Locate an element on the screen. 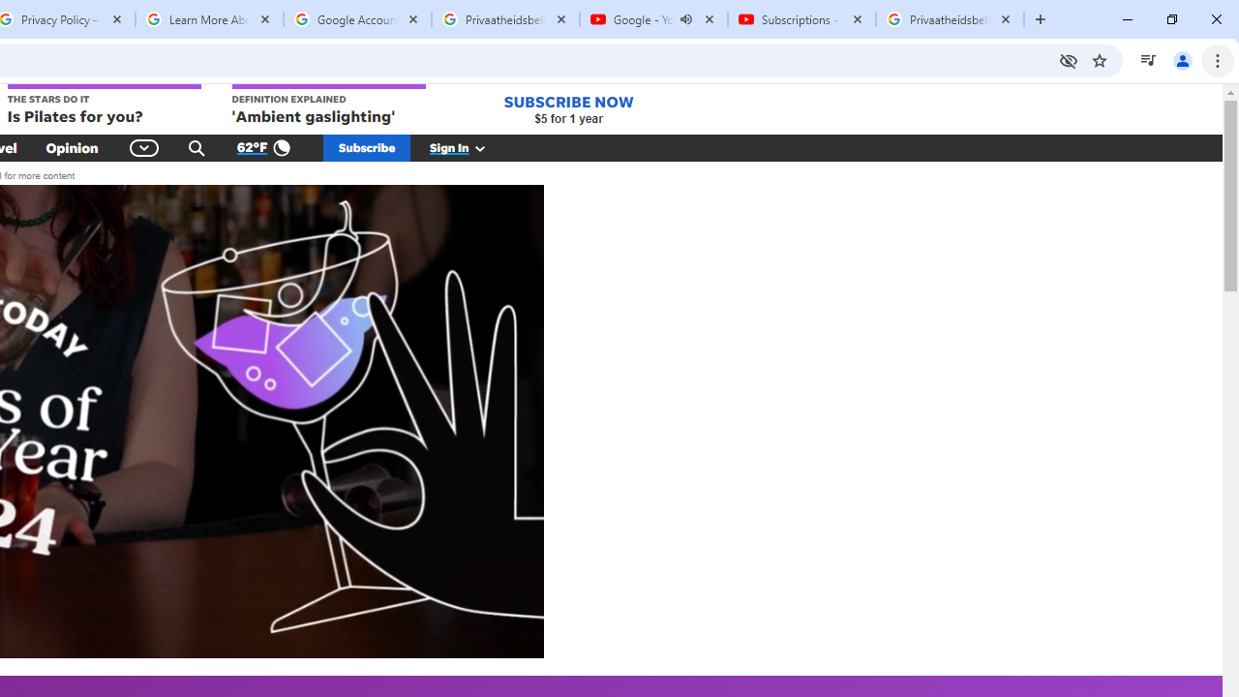 The width and height of the screenshot is (1239, 697). 'DEFINITION EXPLAINED ' is located at coordinates (328, 106).